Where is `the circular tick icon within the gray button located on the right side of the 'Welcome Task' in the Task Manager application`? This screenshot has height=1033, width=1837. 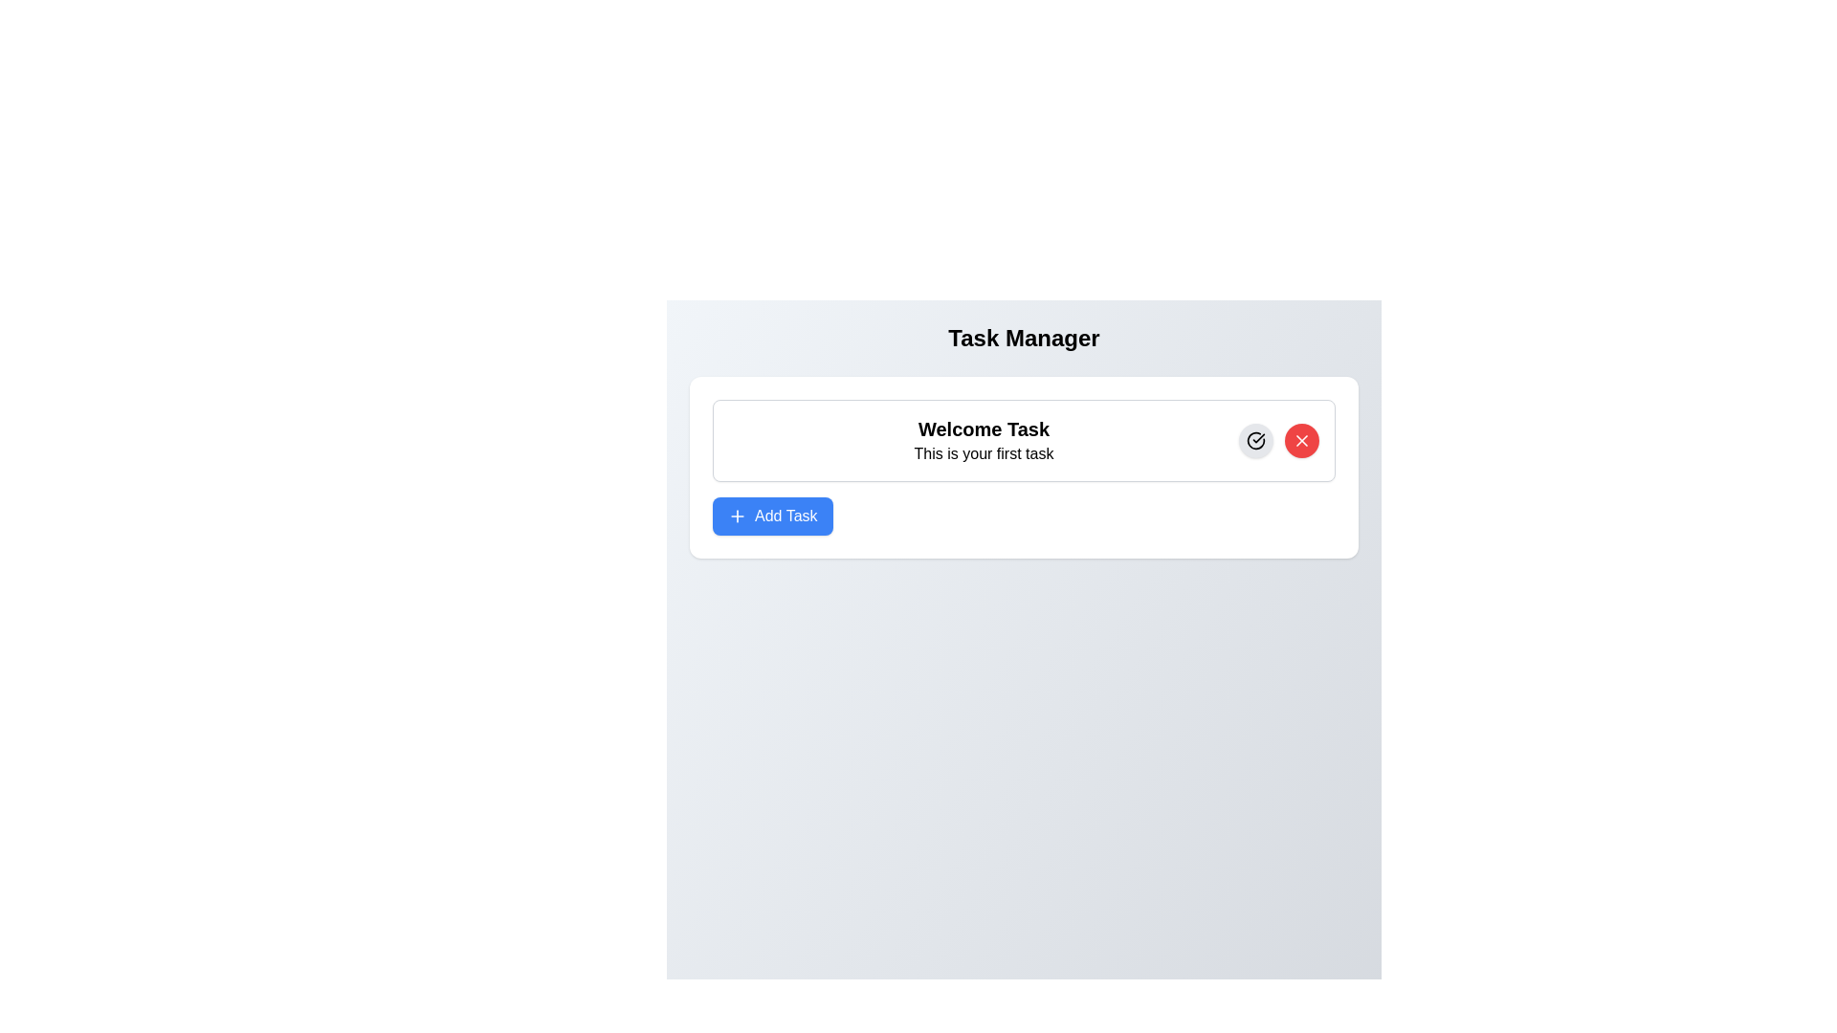
the circular tick icon within the gray button located on the right side of the 'Welcome Task' in the Task Manager application is located at coordinates (1256, 441).